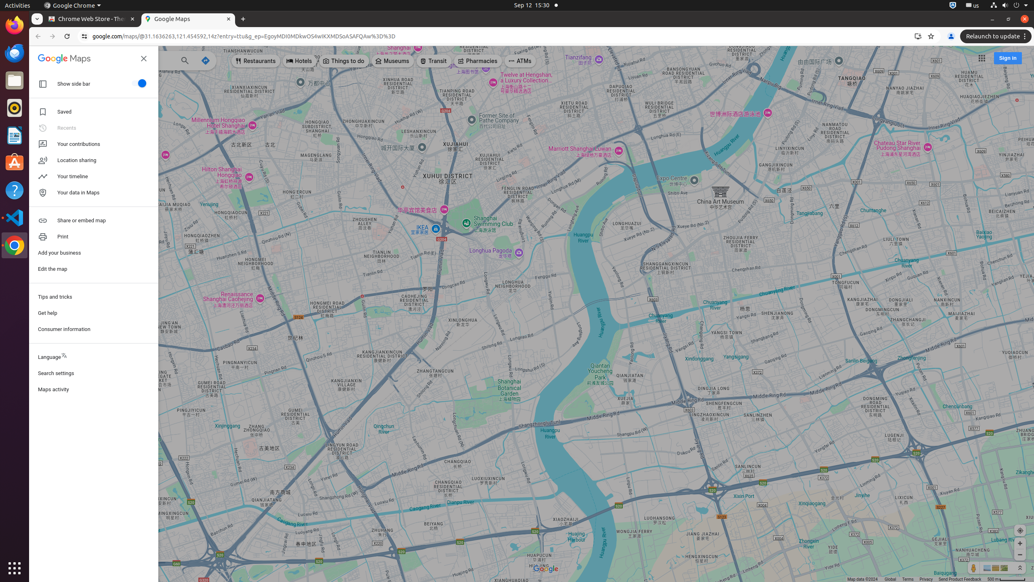 The image size is (1034, 582). What do you see at coordinates (93, 176) in the screenshot?
I see `'Your timeline'` at bounding box center [93, 176].